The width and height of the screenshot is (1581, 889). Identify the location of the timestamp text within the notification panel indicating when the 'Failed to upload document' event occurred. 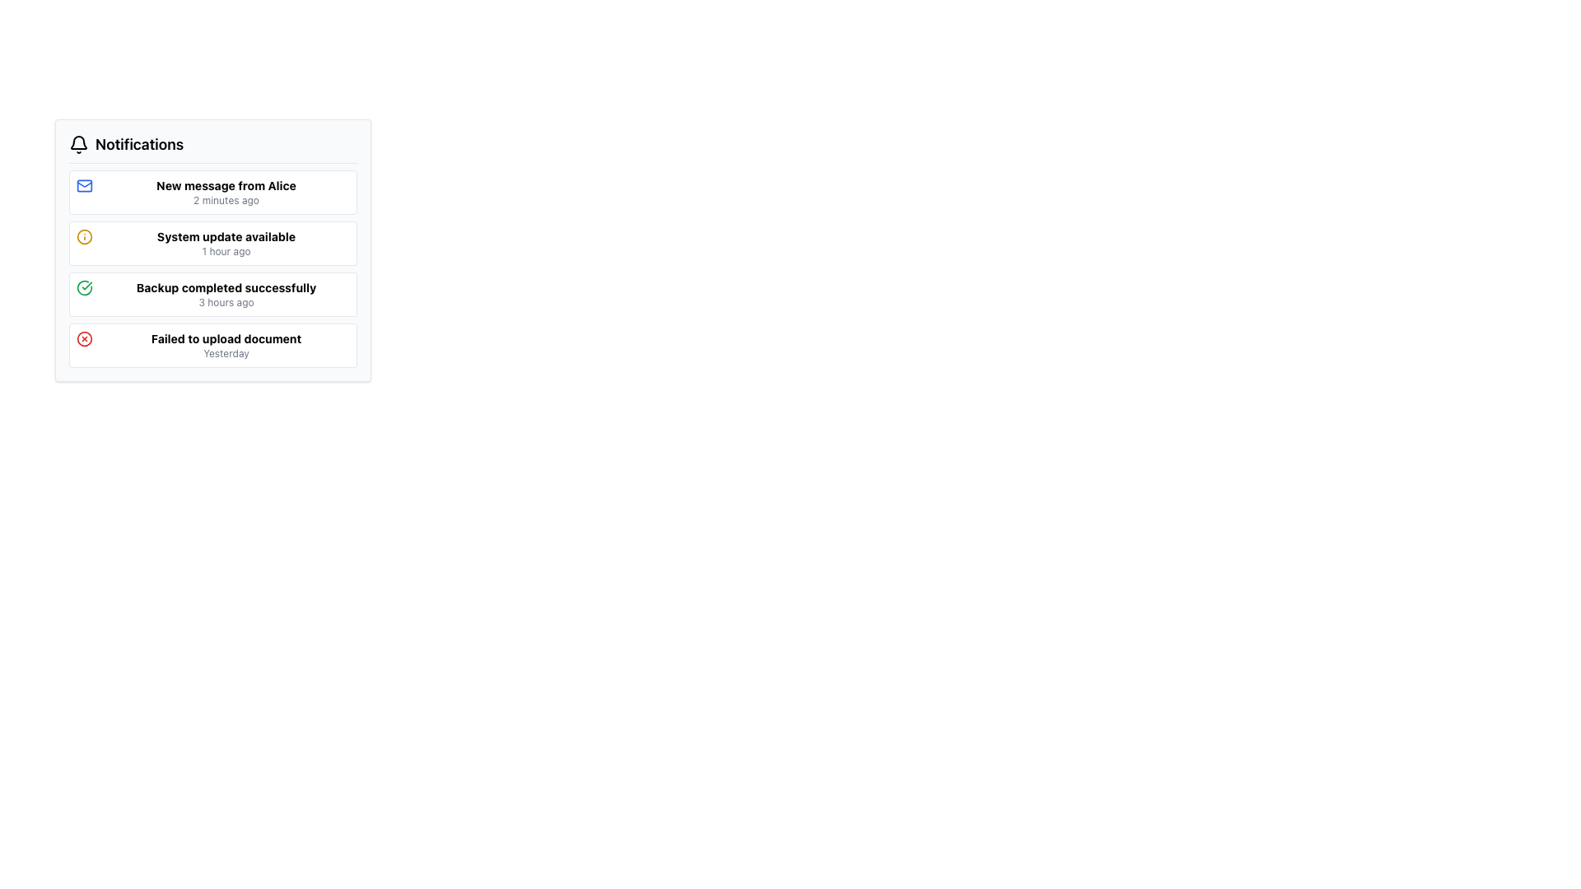
(225, 352).